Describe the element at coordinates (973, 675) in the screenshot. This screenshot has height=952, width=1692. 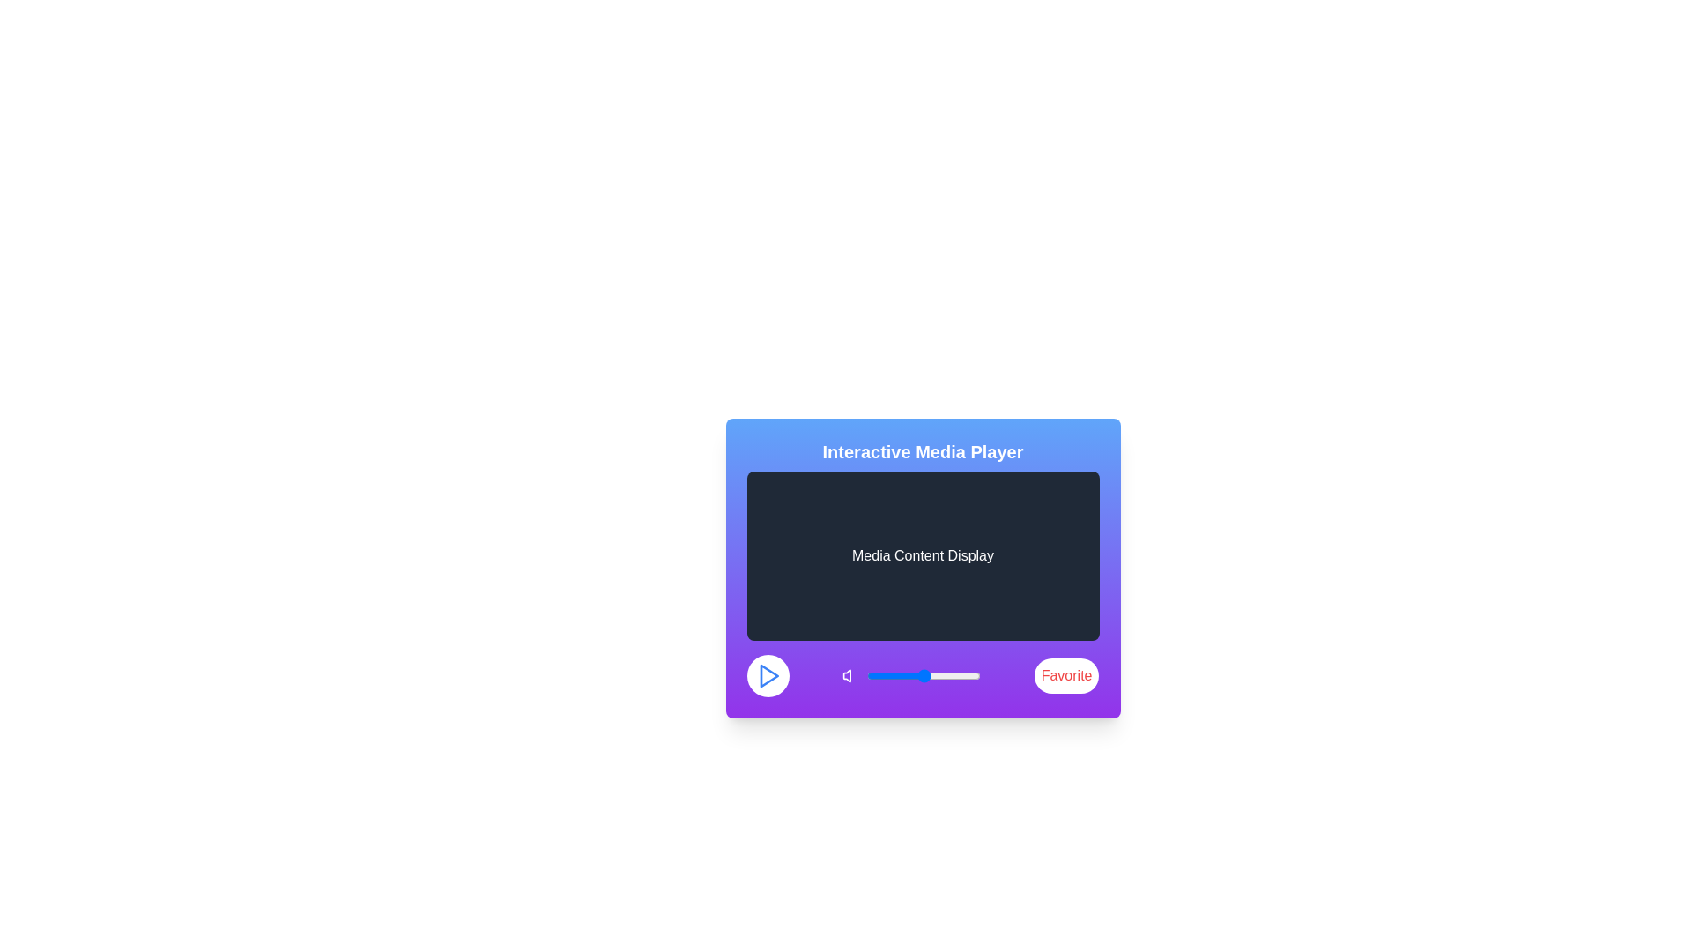
I see `the slider` at that location.